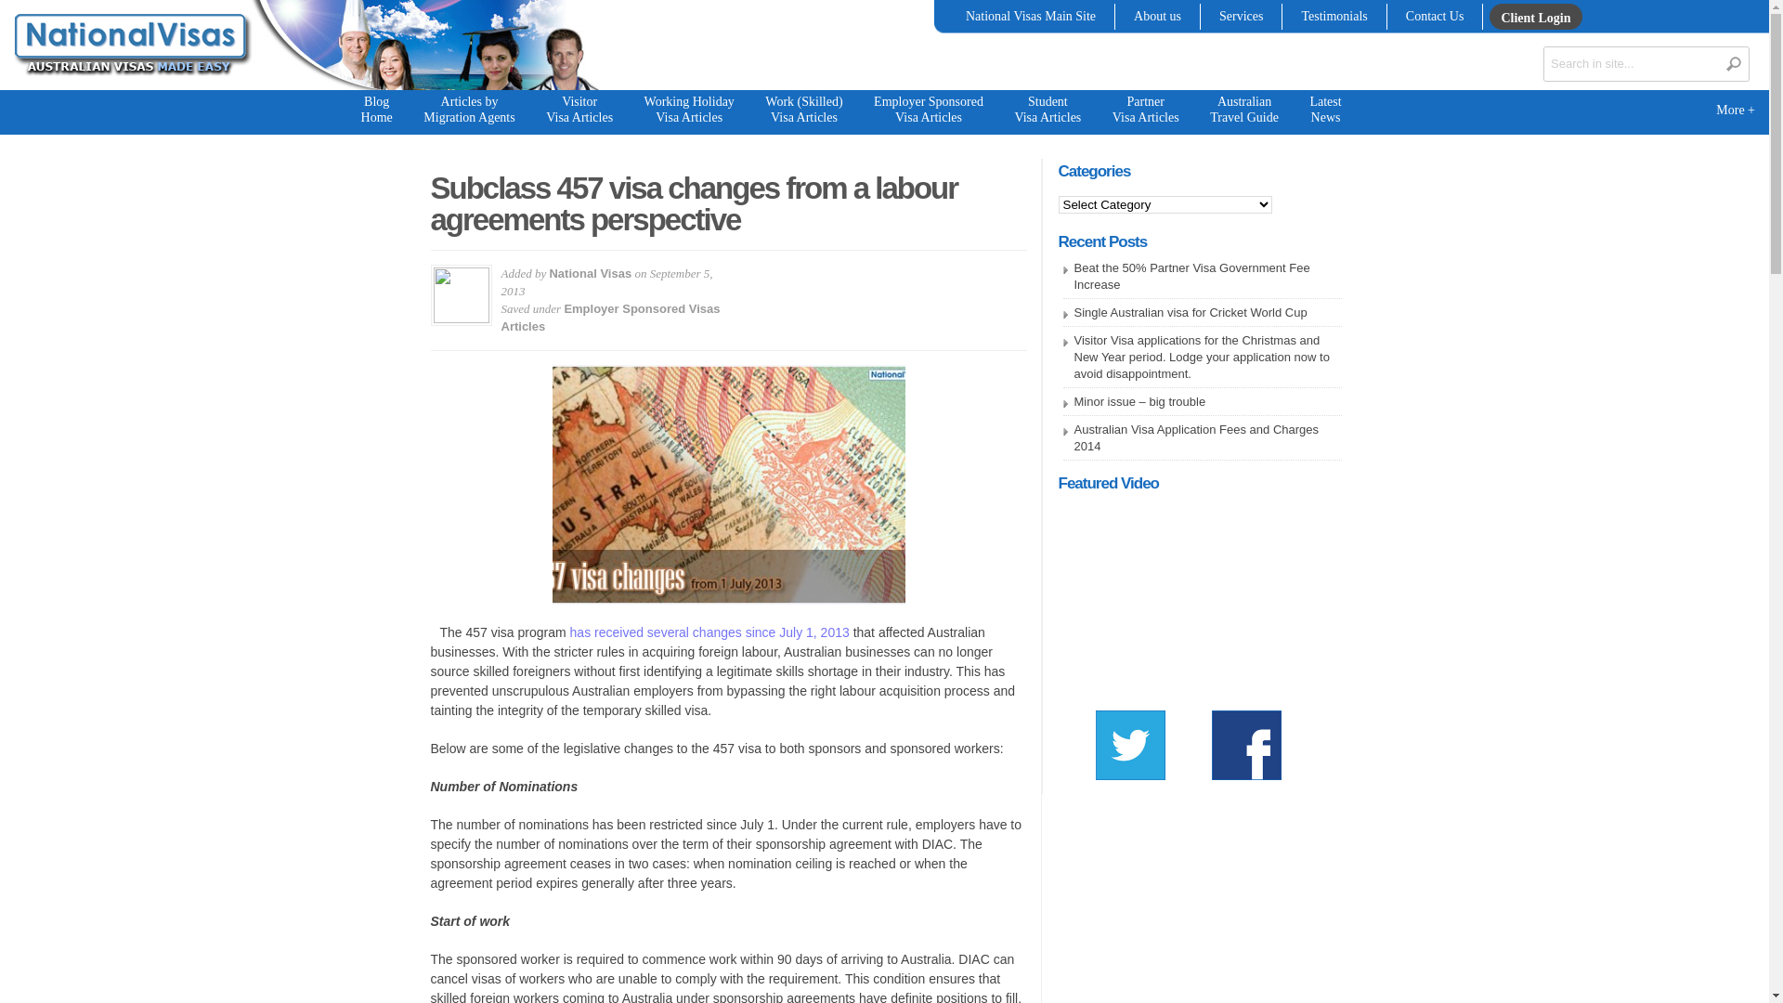  What do you see at coordinates (589, 273) in the screenshot?
I see `'National Visas'` at bounding box center [589, 273].